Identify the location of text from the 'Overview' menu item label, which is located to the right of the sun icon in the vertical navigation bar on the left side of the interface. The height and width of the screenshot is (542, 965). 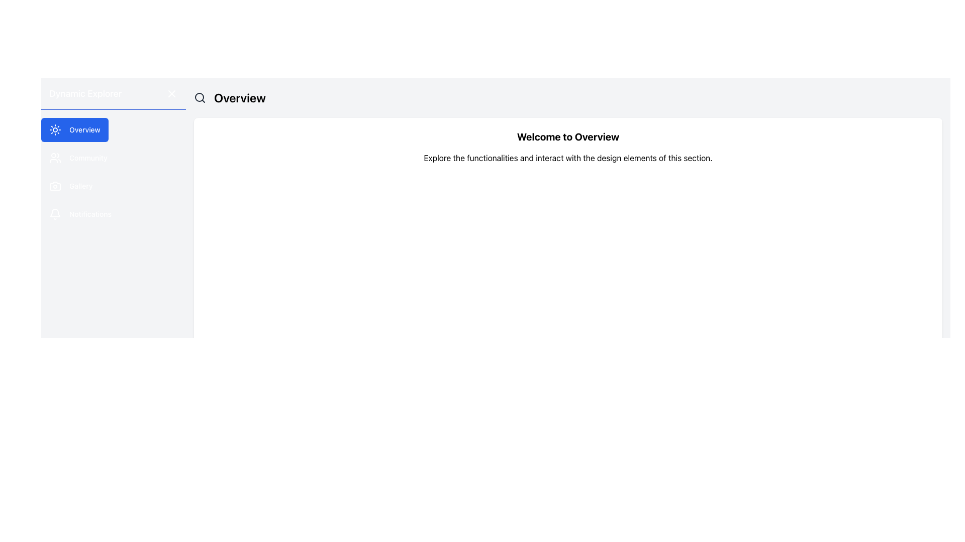
(84, 129).